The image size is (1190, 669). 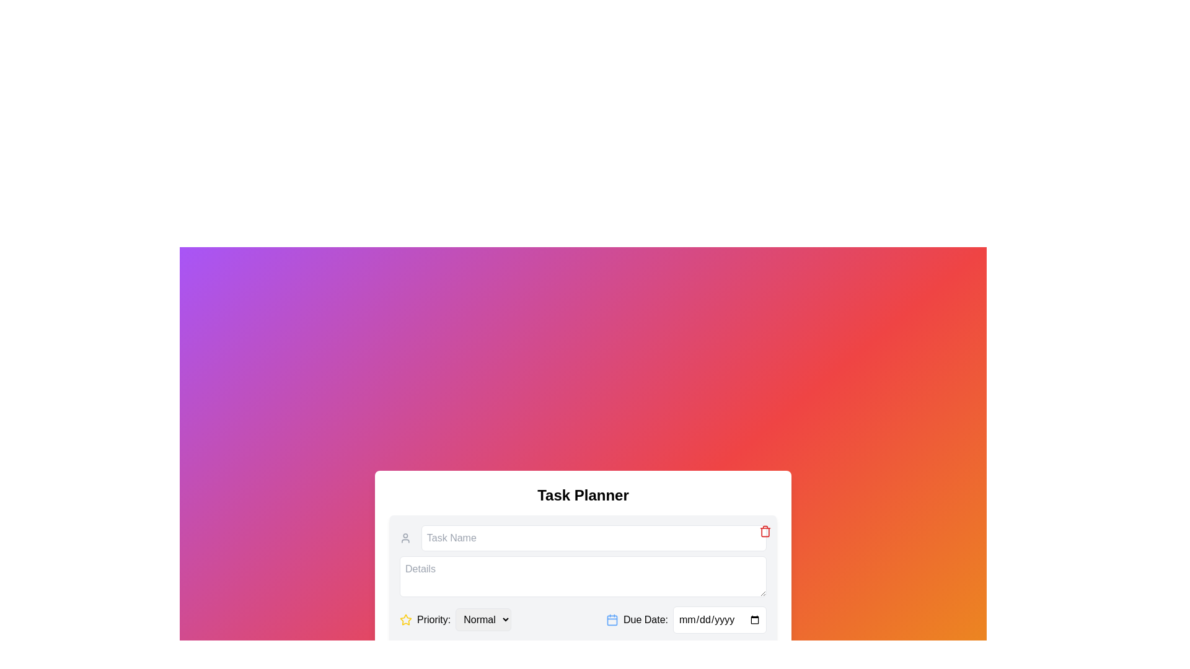 What do you see at coordinates (612, 619) in the screenshot?
I see `the calendar icon located to the left of the 'Due Date:' text input field, which serves as a visual cue for date input functionality` at bounding box center [612, 619].